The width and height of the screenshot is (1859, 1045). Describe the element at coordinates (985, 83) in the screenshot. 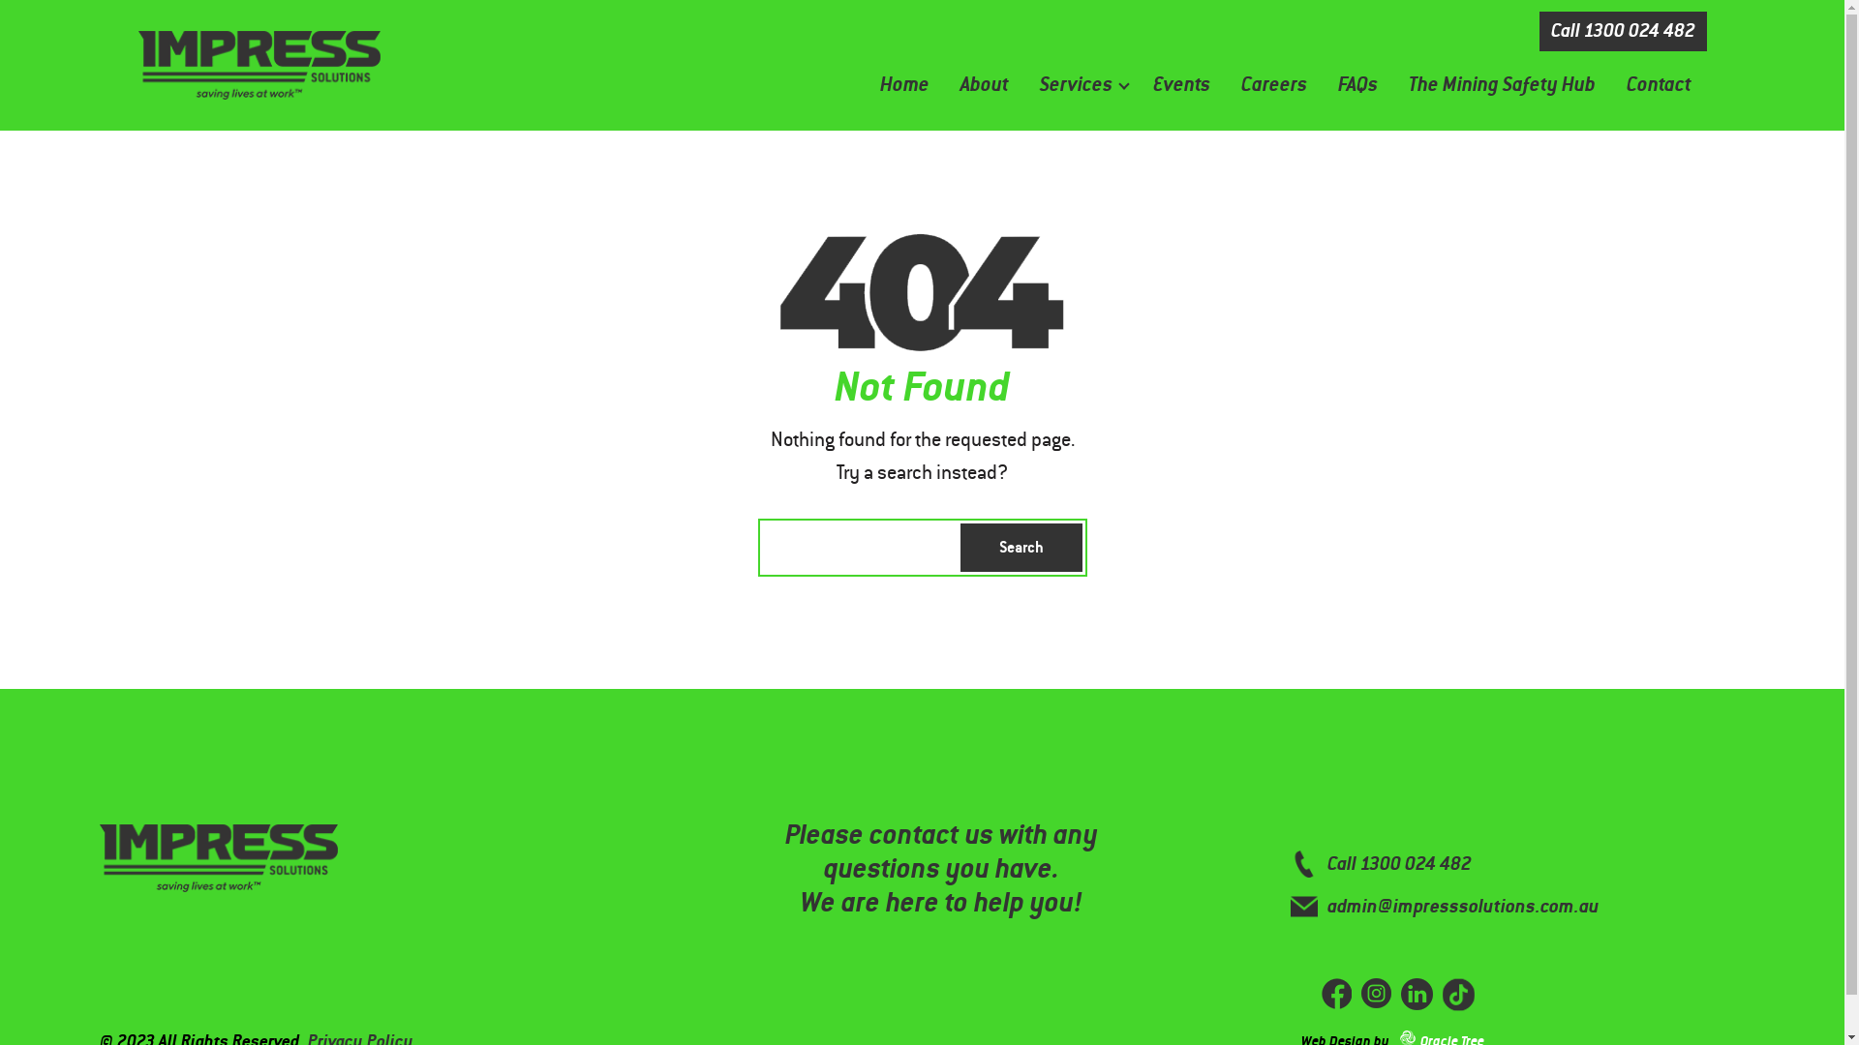

I see `'About'` at that location.